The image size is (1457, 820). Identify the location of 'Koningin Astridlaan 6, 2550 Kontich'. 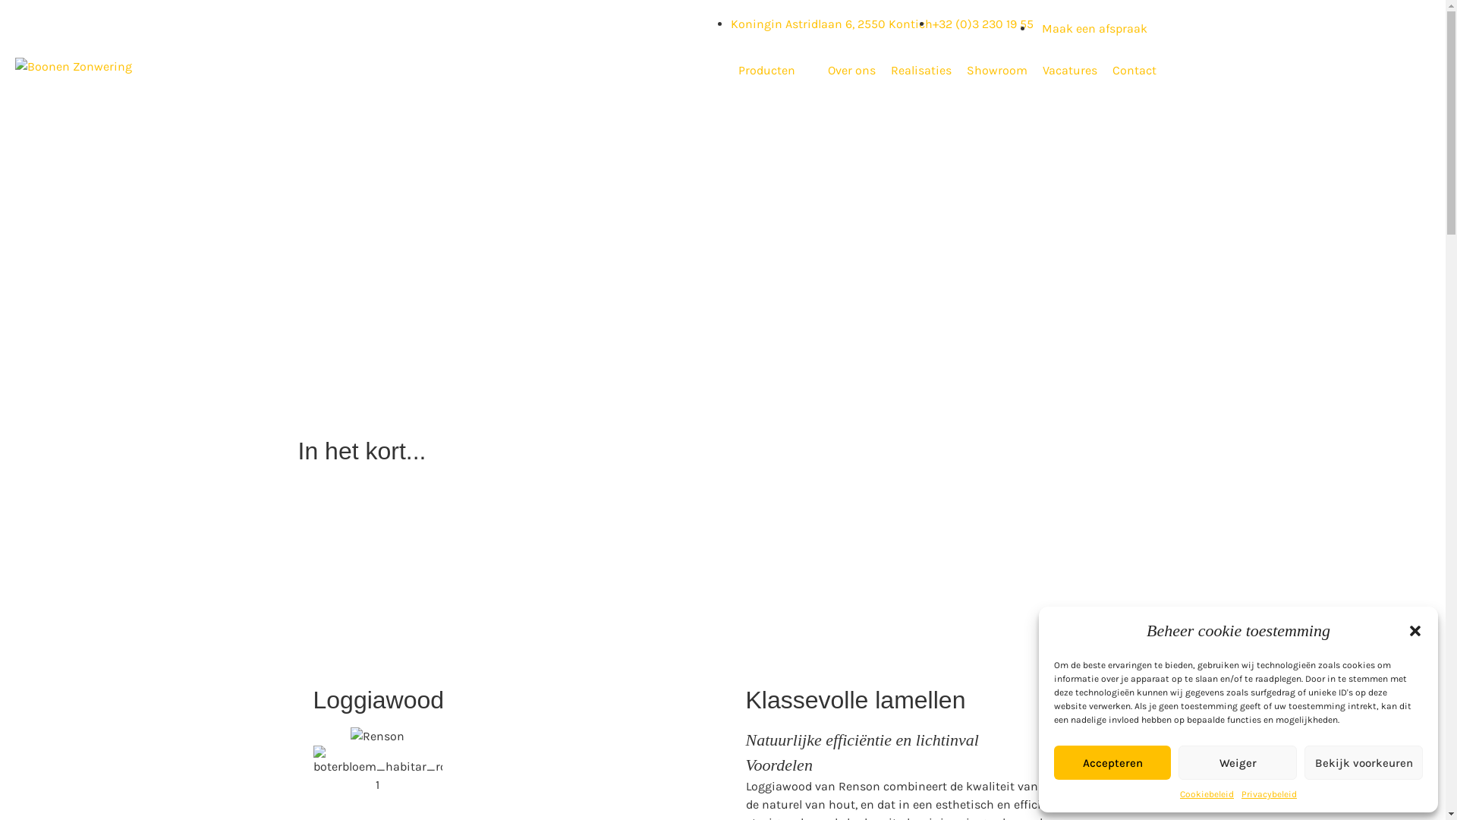
(829, 24).